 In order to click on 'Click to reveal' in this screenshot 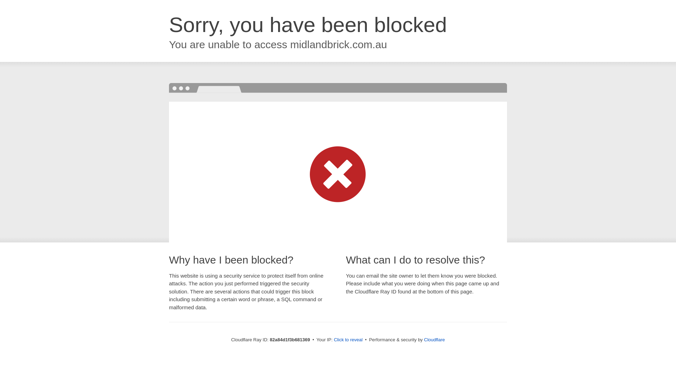, I will do `click(348, 339)`.